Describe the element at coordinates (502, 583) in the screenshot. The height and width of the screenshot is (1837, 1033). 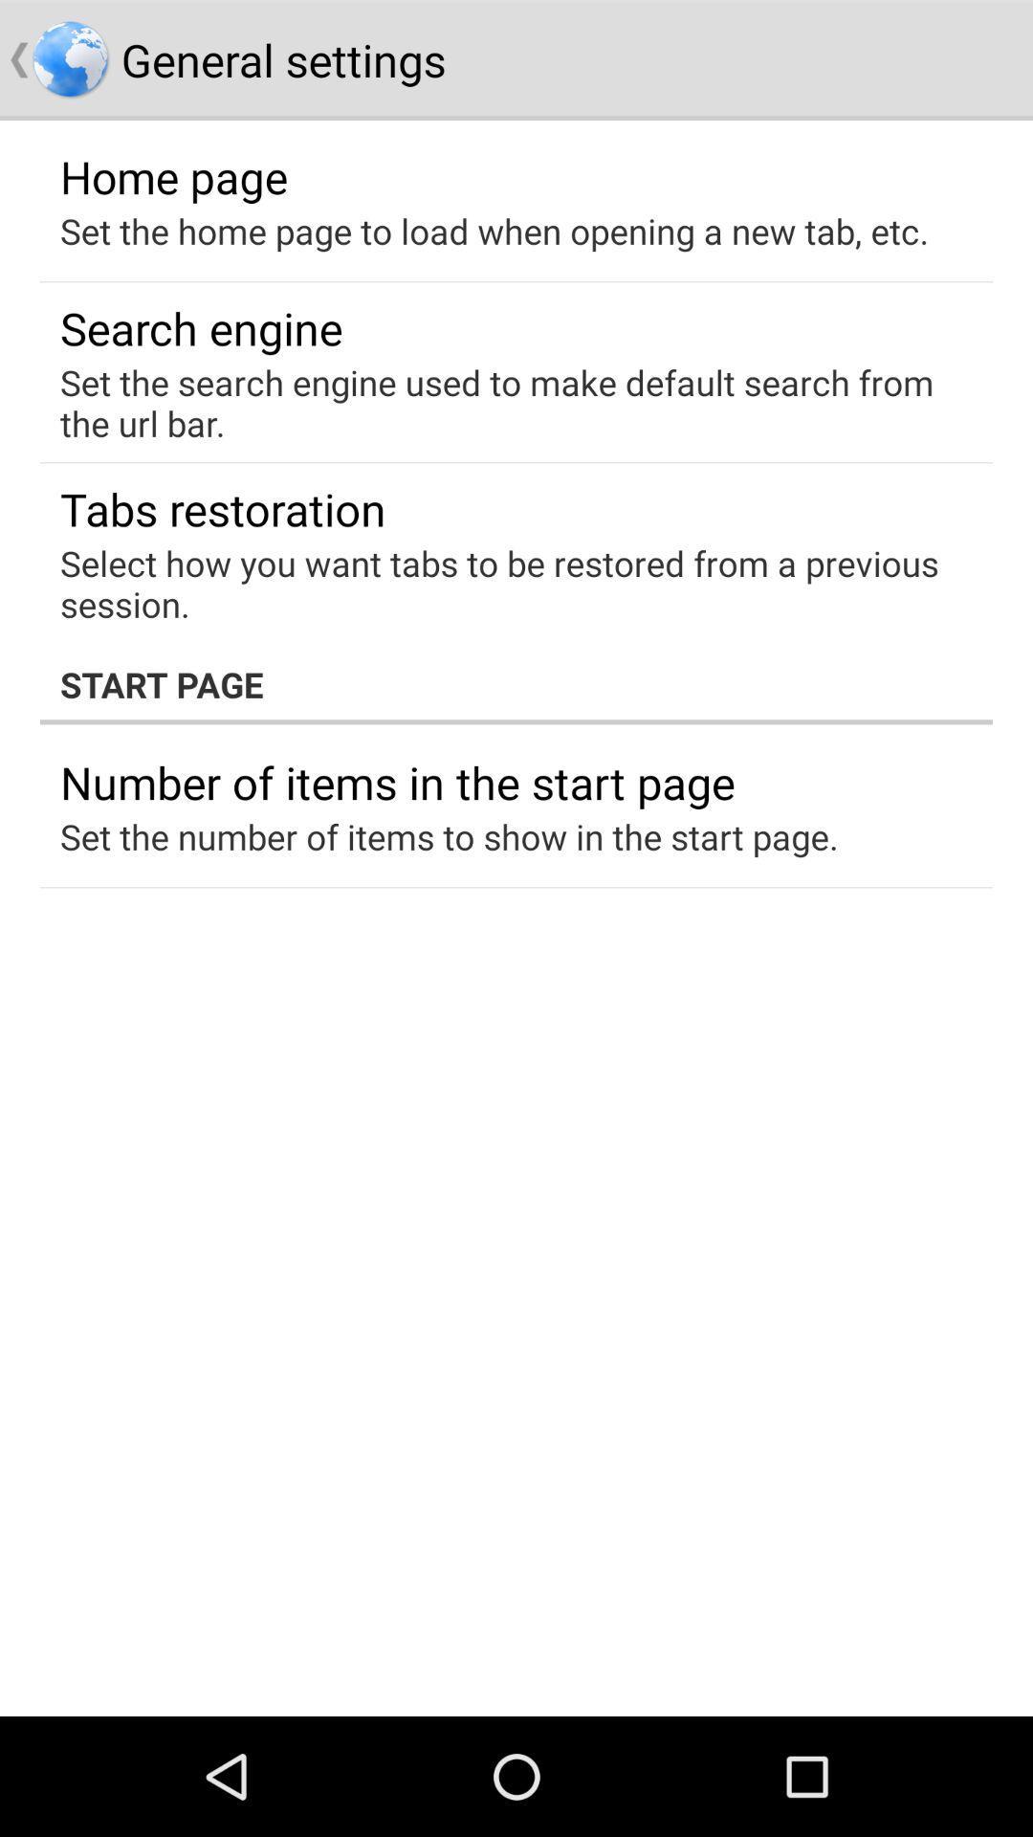
I see `item above start page item` at that location.